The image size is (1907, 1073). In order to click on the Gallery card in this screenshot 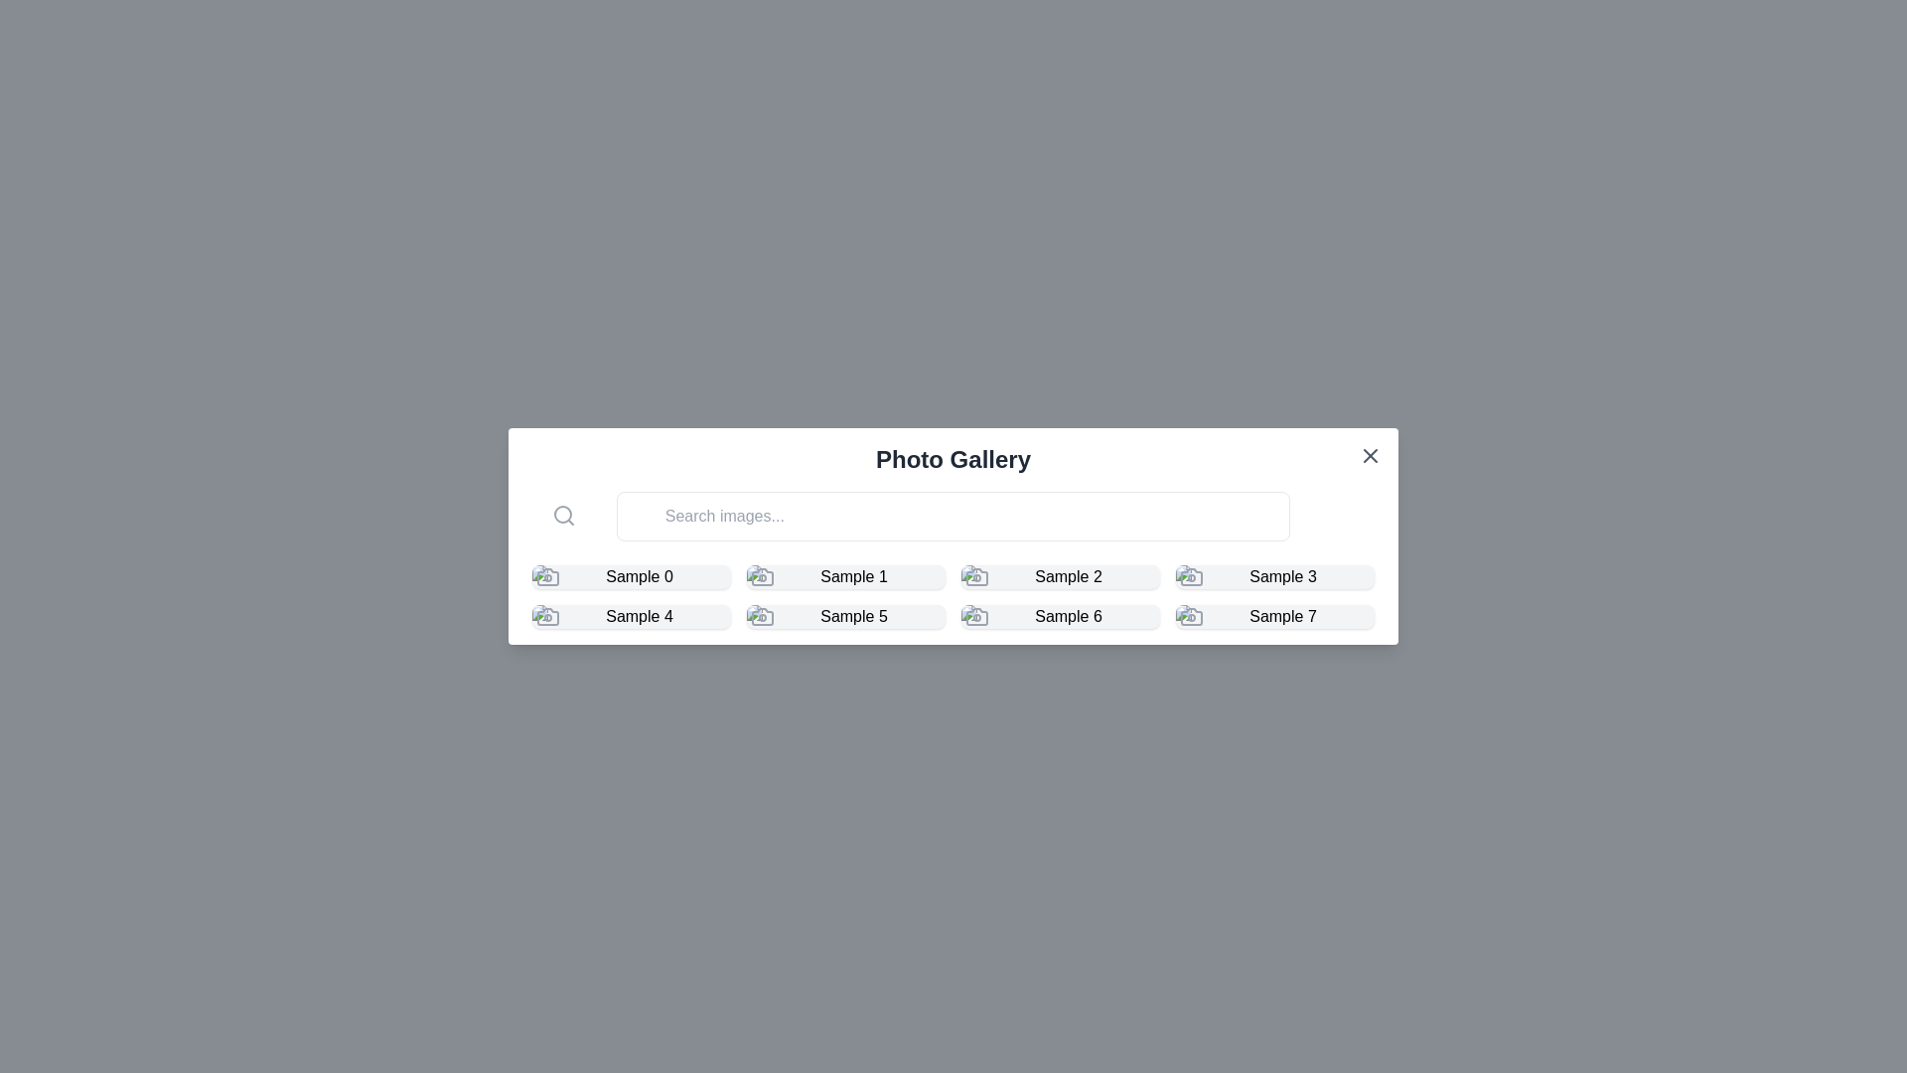, I will do `click(1060, 577)`.